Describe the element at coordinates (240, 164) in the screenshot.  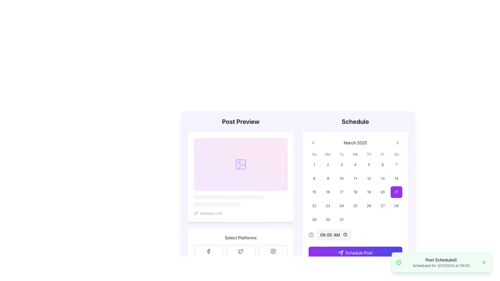
I see `the SVG icon representing an image placeholder located in the center of the 'Post Preview' section with a gradient background transitioning from purple to pink` at that location.